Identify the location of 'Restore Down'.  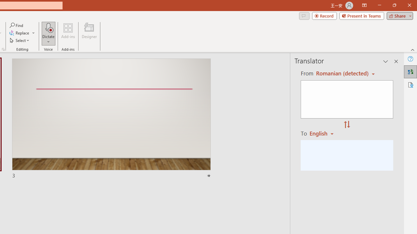
(394, 5).